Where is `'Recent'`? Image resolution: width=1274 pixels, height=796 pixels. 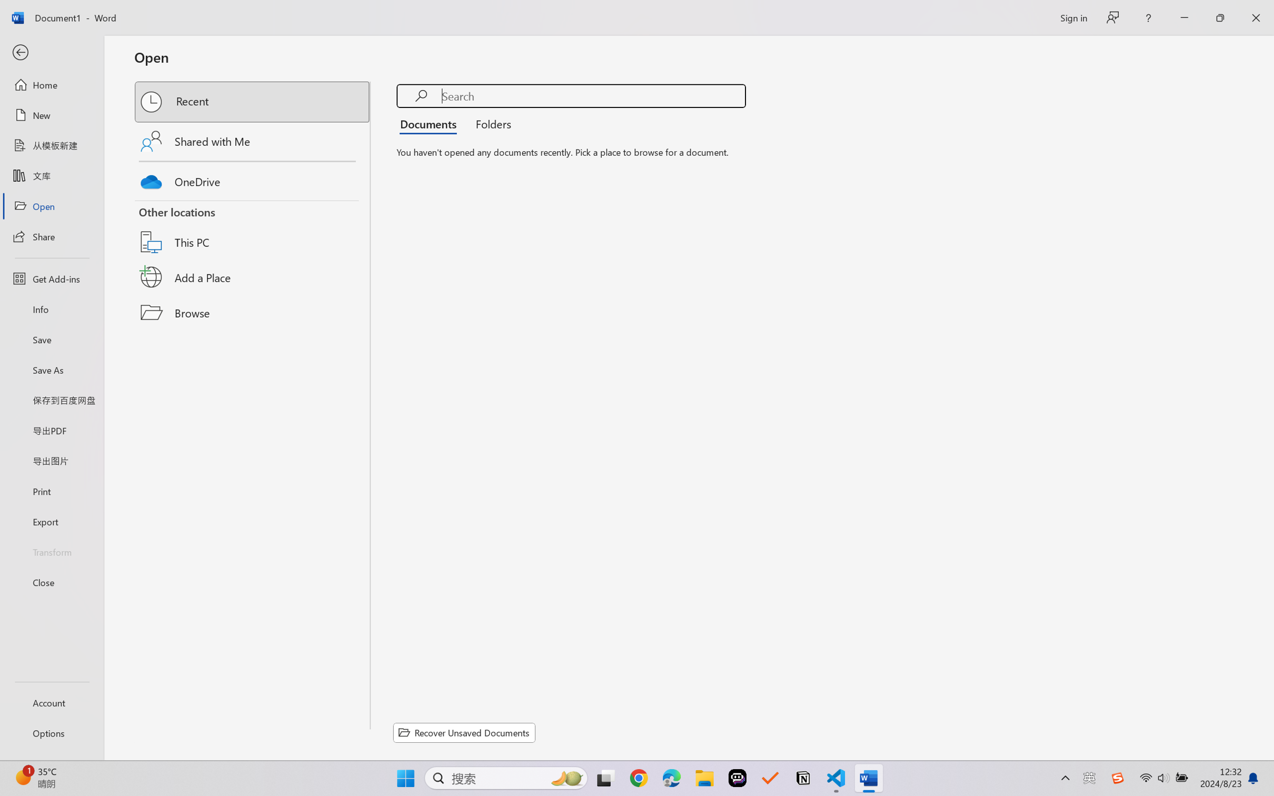 'Recent' is located at coordinates (253, 101).